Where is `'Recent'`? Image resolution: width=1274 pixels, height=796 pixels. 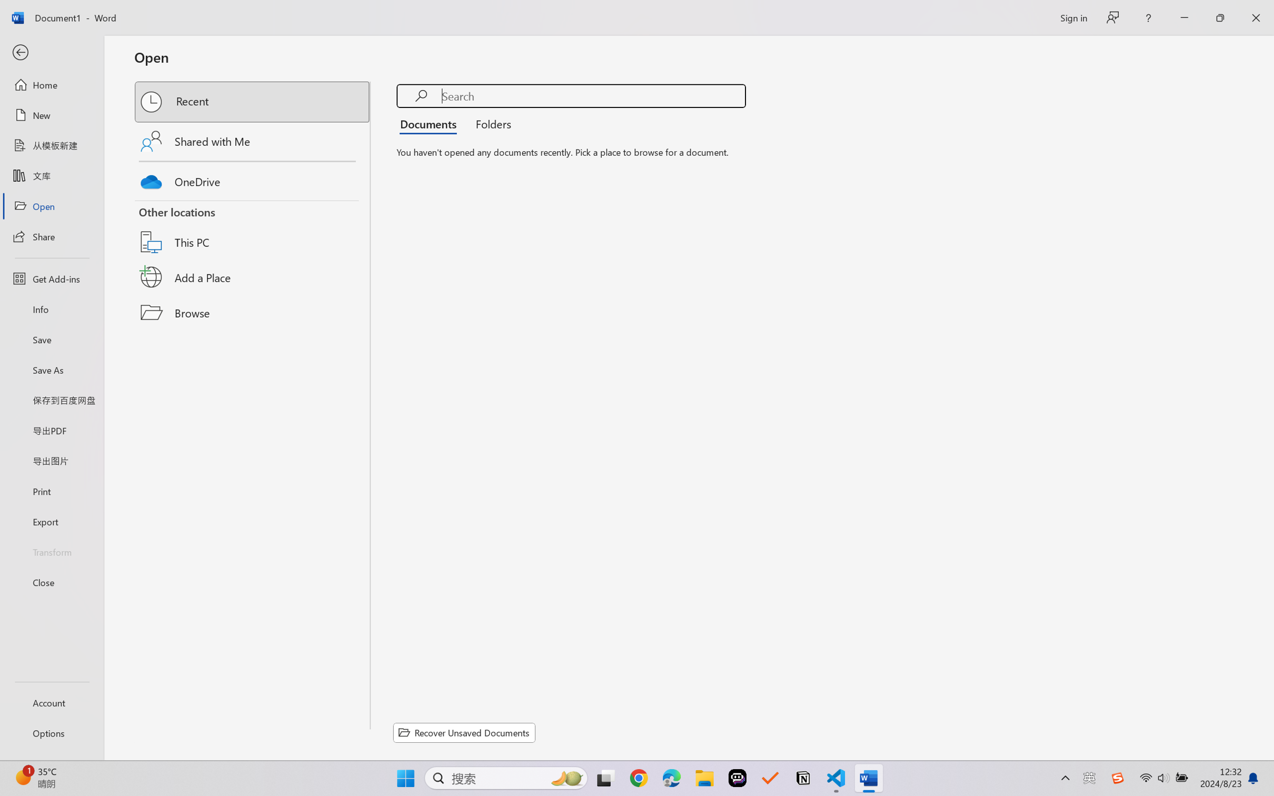 'Recent' is located at coordinates (253, 101).